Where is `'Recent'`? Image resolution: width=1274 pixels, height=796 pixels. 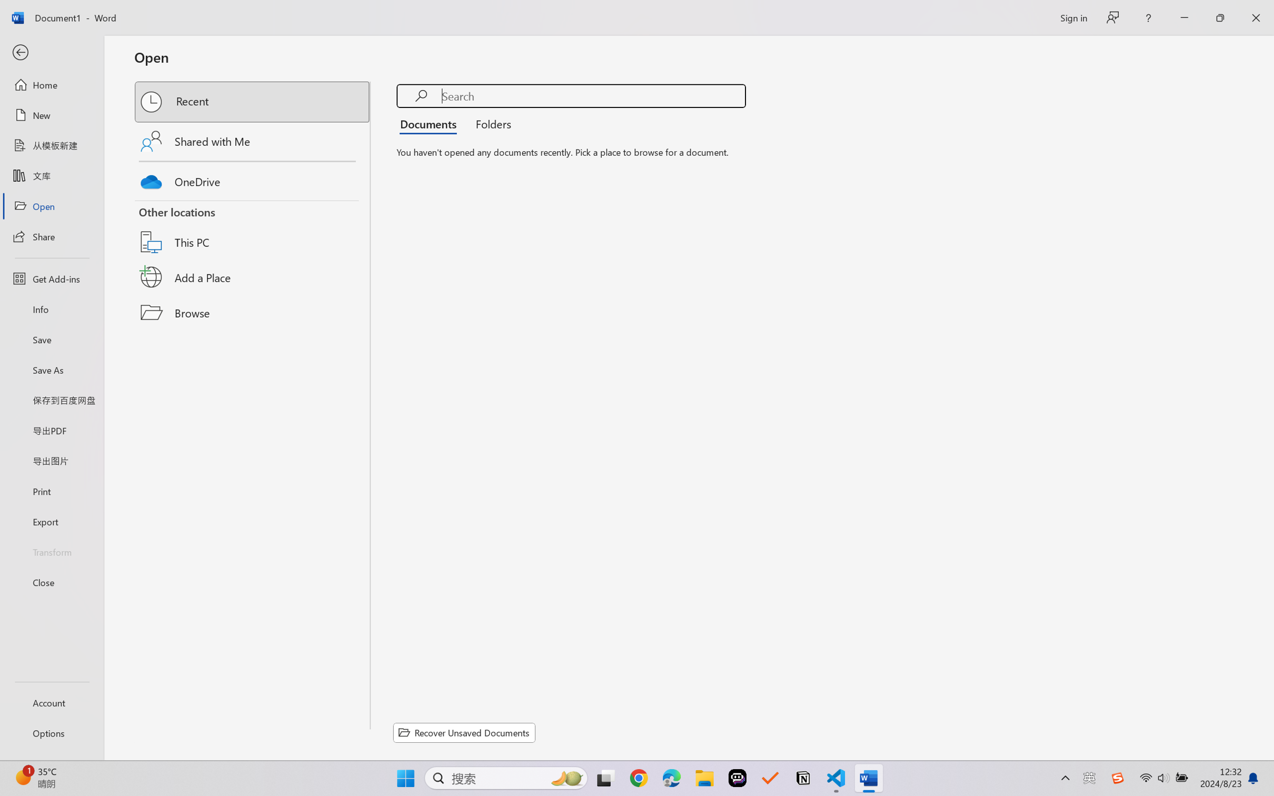 'Recent' is located at coordinates (253, 101).